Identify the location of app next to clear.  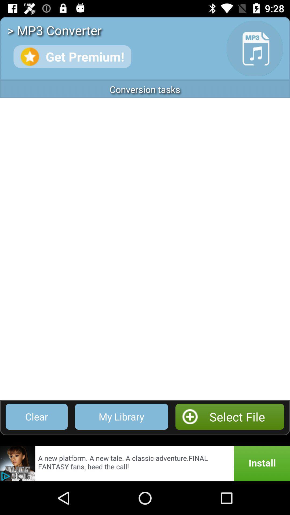
(121, 416).